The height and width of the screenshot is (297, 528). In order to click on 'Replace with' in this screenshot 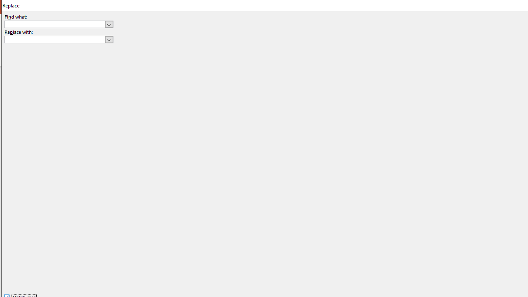, I will do `click(58, 40)`.